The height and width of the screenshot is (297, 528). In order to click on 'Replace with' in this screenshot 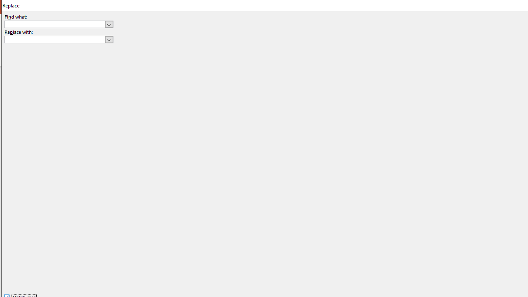, I will do `click(58, 40)`.